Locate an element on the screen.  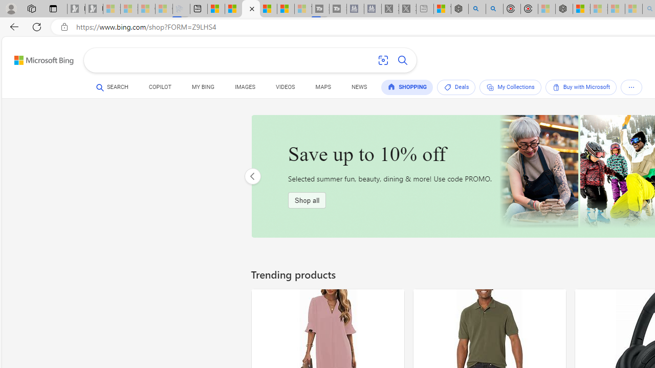
'Search button' is located at coordinates (402, 60).